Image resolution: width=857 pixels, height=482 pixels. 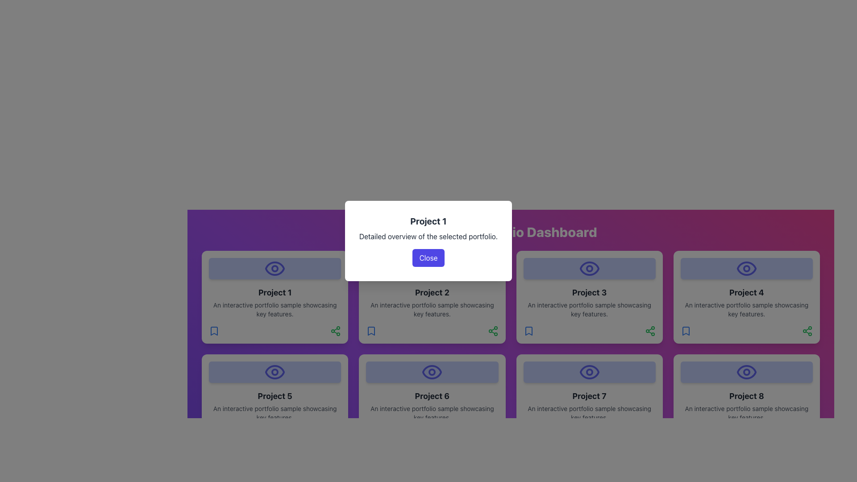 I want to click on the icon placeholder located at the top of the 'Project 5' card, which visually represents a feature for viewing or previewing related content, so click(x=275, y=372).